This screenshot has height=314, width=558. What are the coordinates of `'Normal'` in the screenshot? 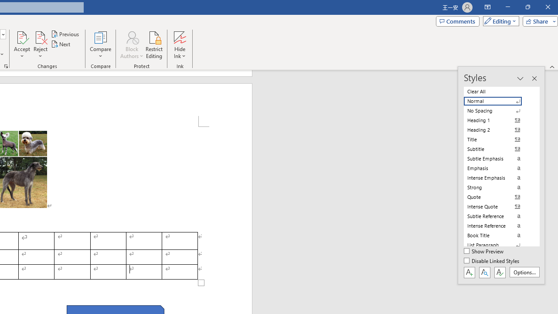 It's located at (498, 101).